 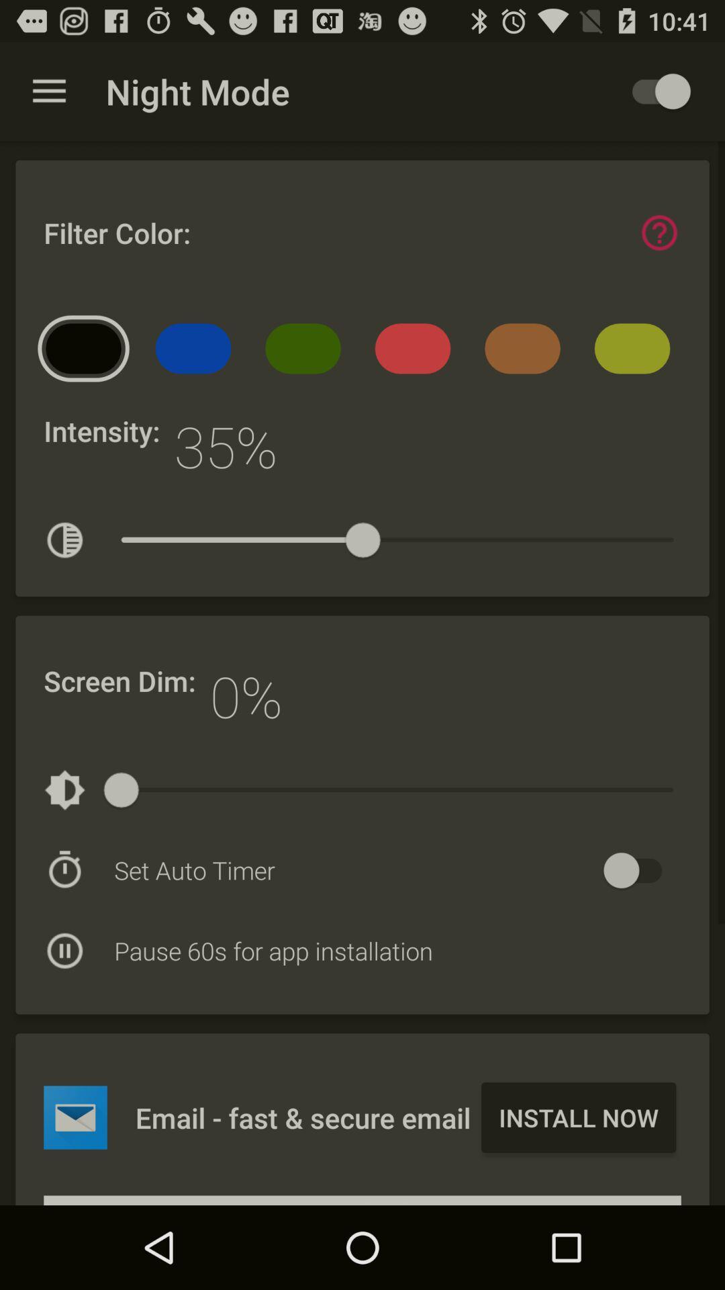 I want to click on switch night modo option, so click(x=654, y=91).